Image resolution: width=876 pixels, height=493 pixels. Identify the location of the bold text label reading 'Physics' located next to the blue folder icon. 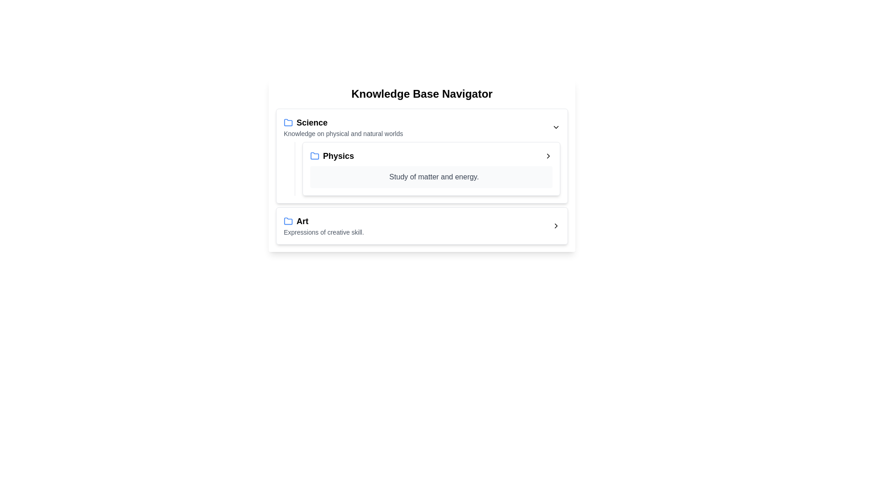
(332, 156).